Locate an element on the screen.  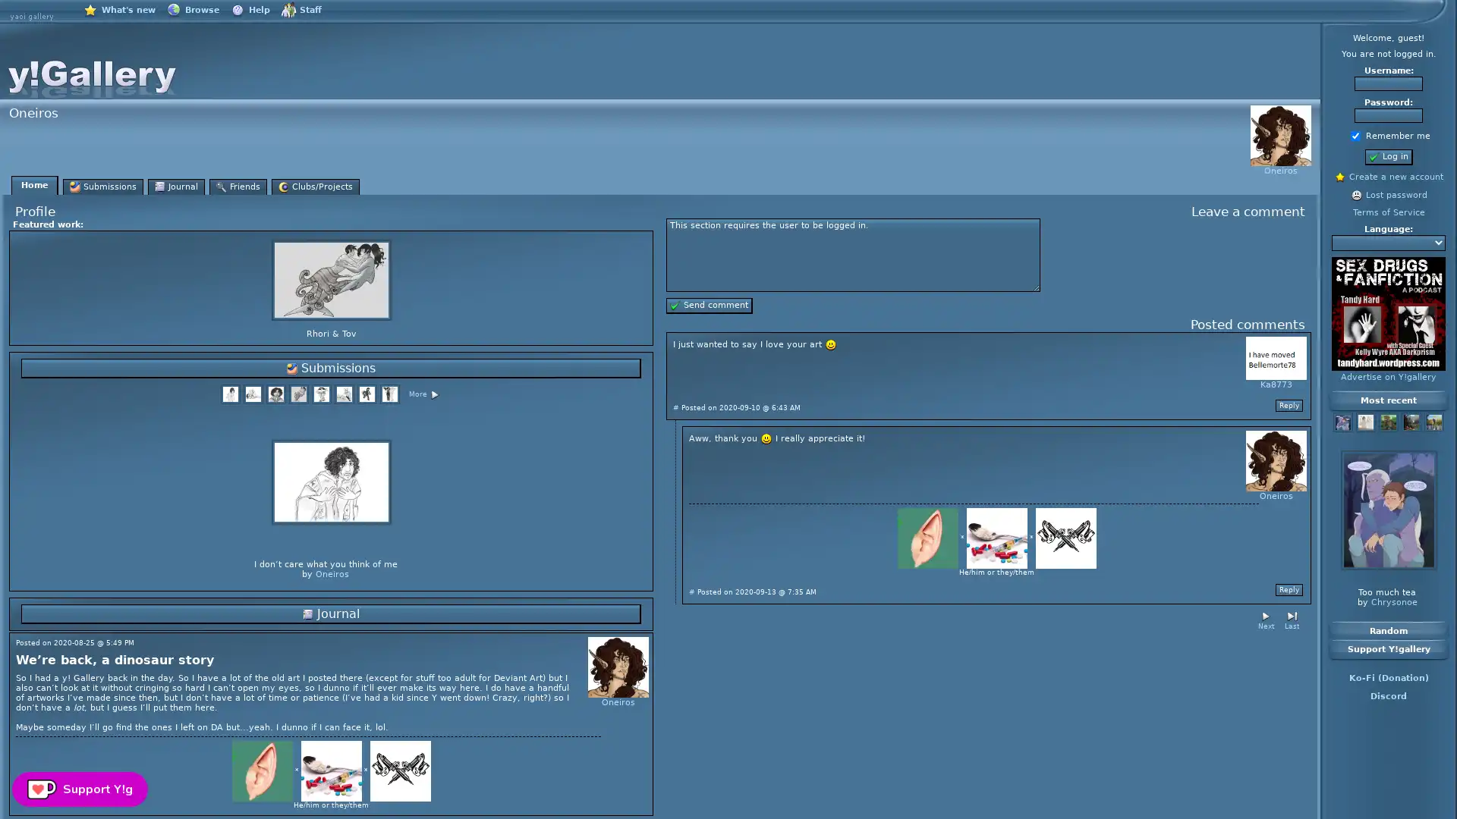
Log in is located at coordinates (1388, 157).